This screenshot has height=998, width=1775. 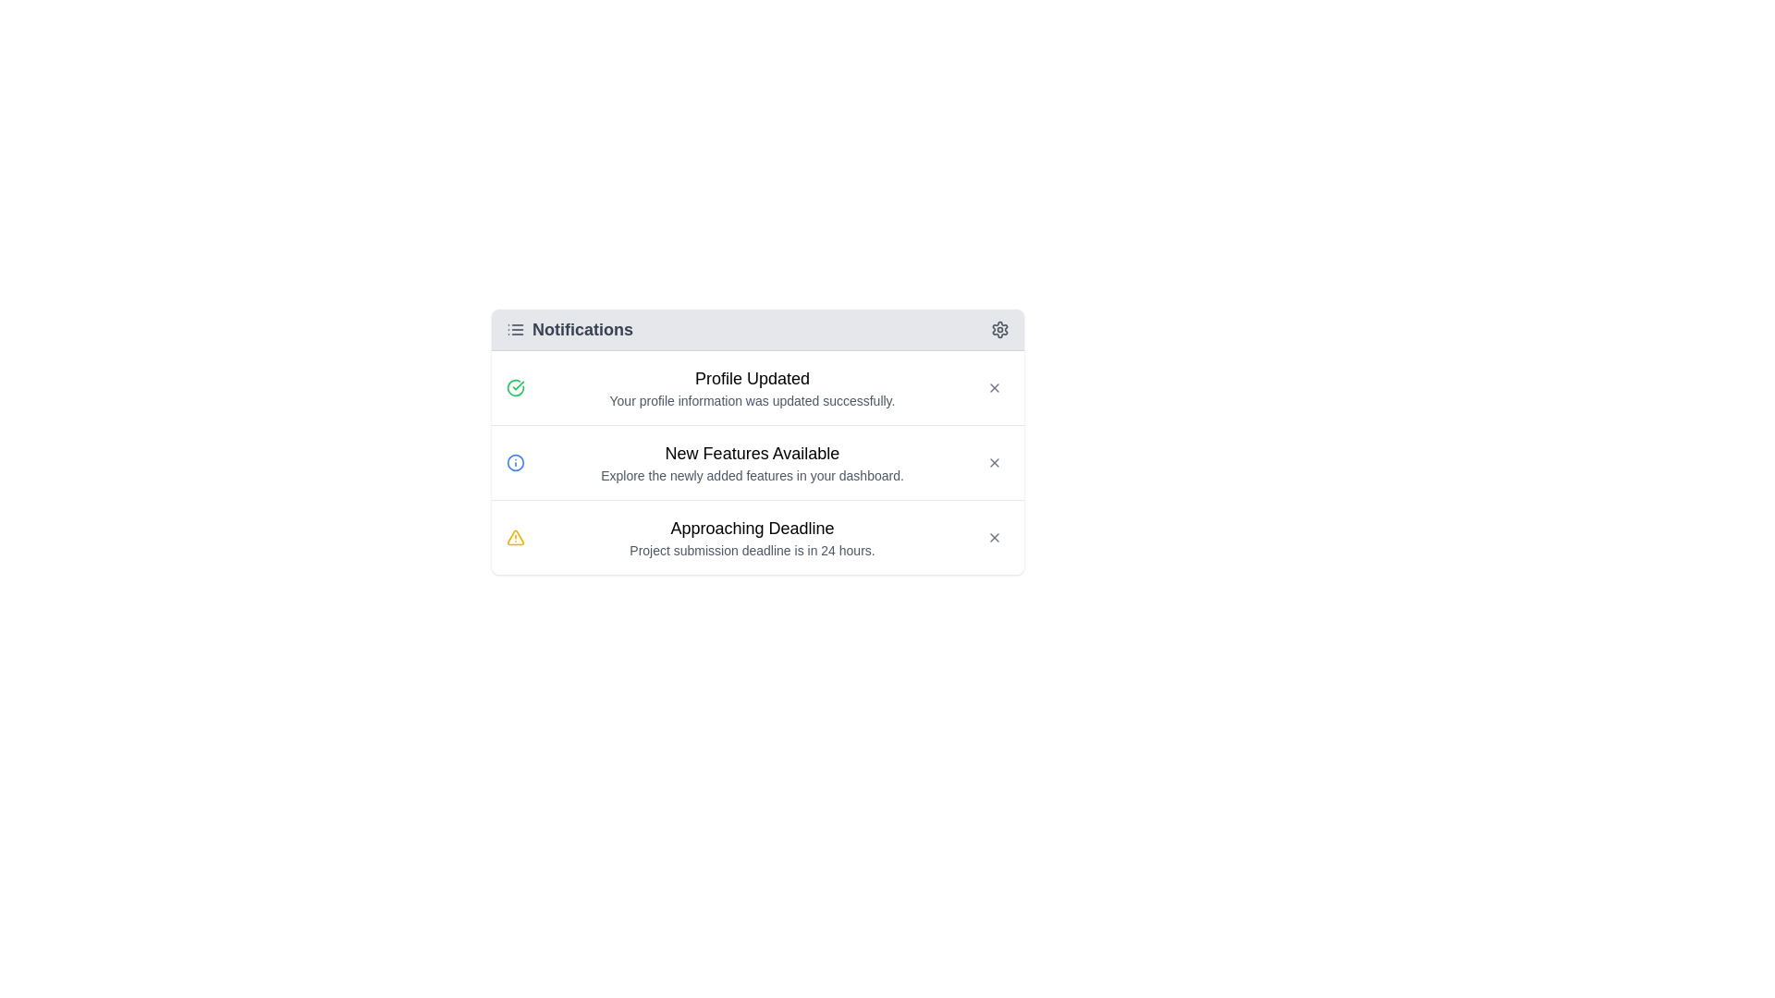 I want to click on details of the Text Content Block that contains the title 'New Features Available' and the descriptive text 'Explore the newly added features in your dashboard.', so click(x=753, y=462).